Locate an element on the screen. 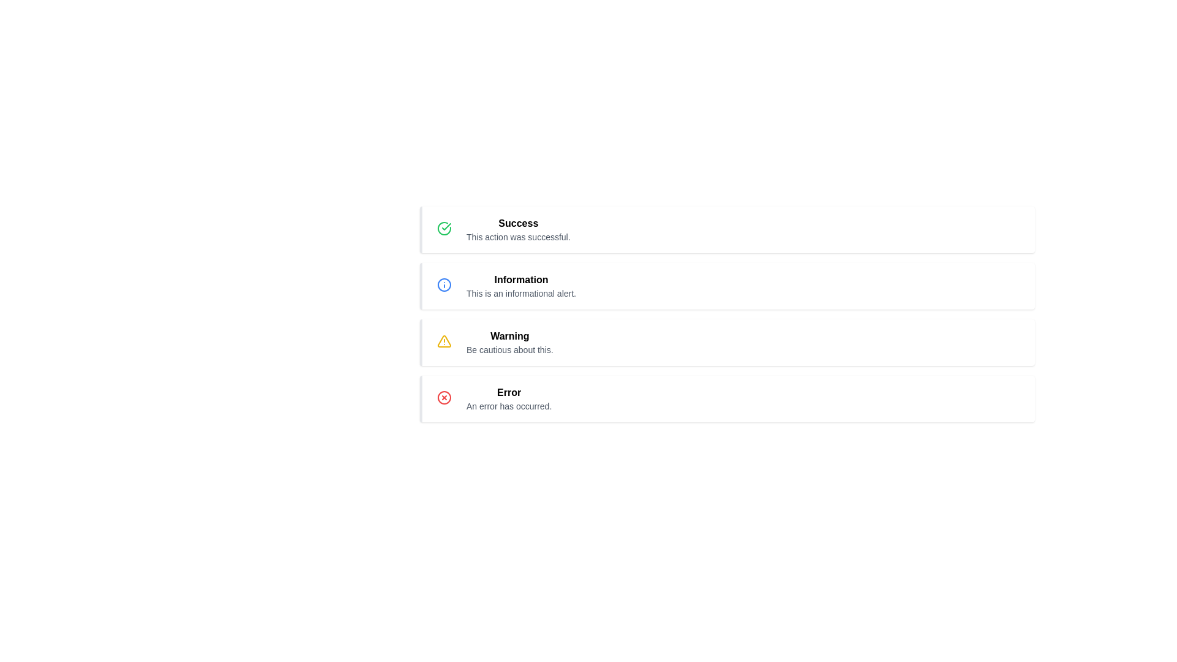 The height and width of the screenshot is (662, 1177). the success alert message element that displays a title 'Success' and a descriptive text 'This action was successful.' is located at coordinates (518, 229).